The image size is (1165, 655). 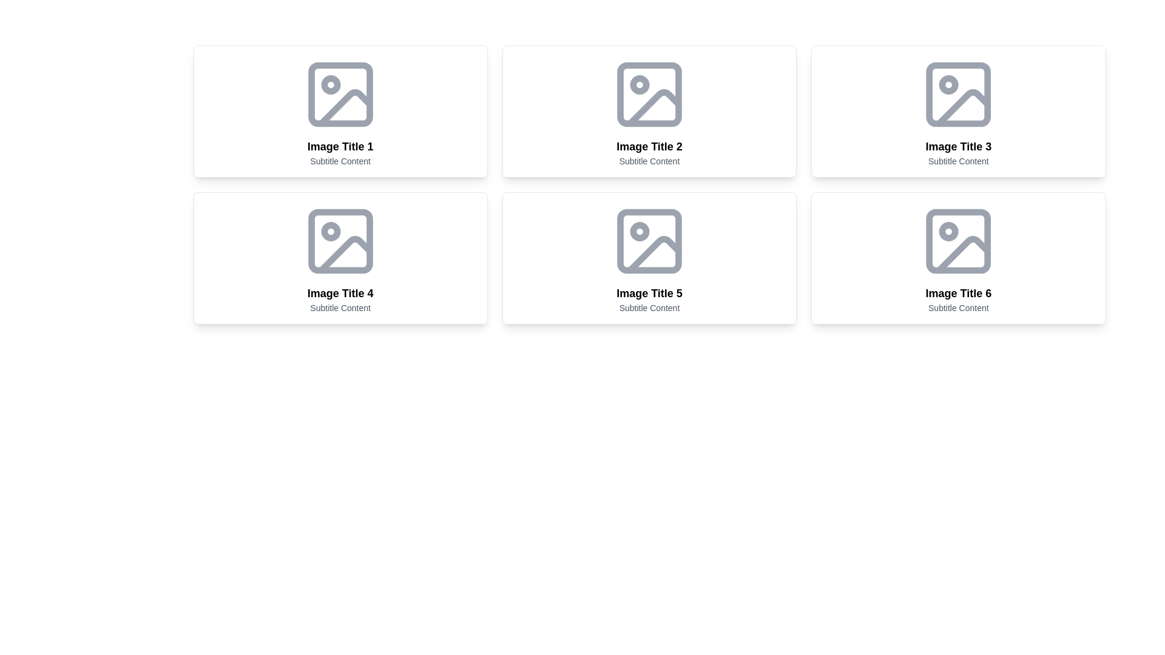 What do you see at coordinates (948, 84) in the screenshot?
I see `the small circular shape that is part of the third image placeholder in the top row, located within the card titled 'Image Title 3'` at bounding box center [948, 84].